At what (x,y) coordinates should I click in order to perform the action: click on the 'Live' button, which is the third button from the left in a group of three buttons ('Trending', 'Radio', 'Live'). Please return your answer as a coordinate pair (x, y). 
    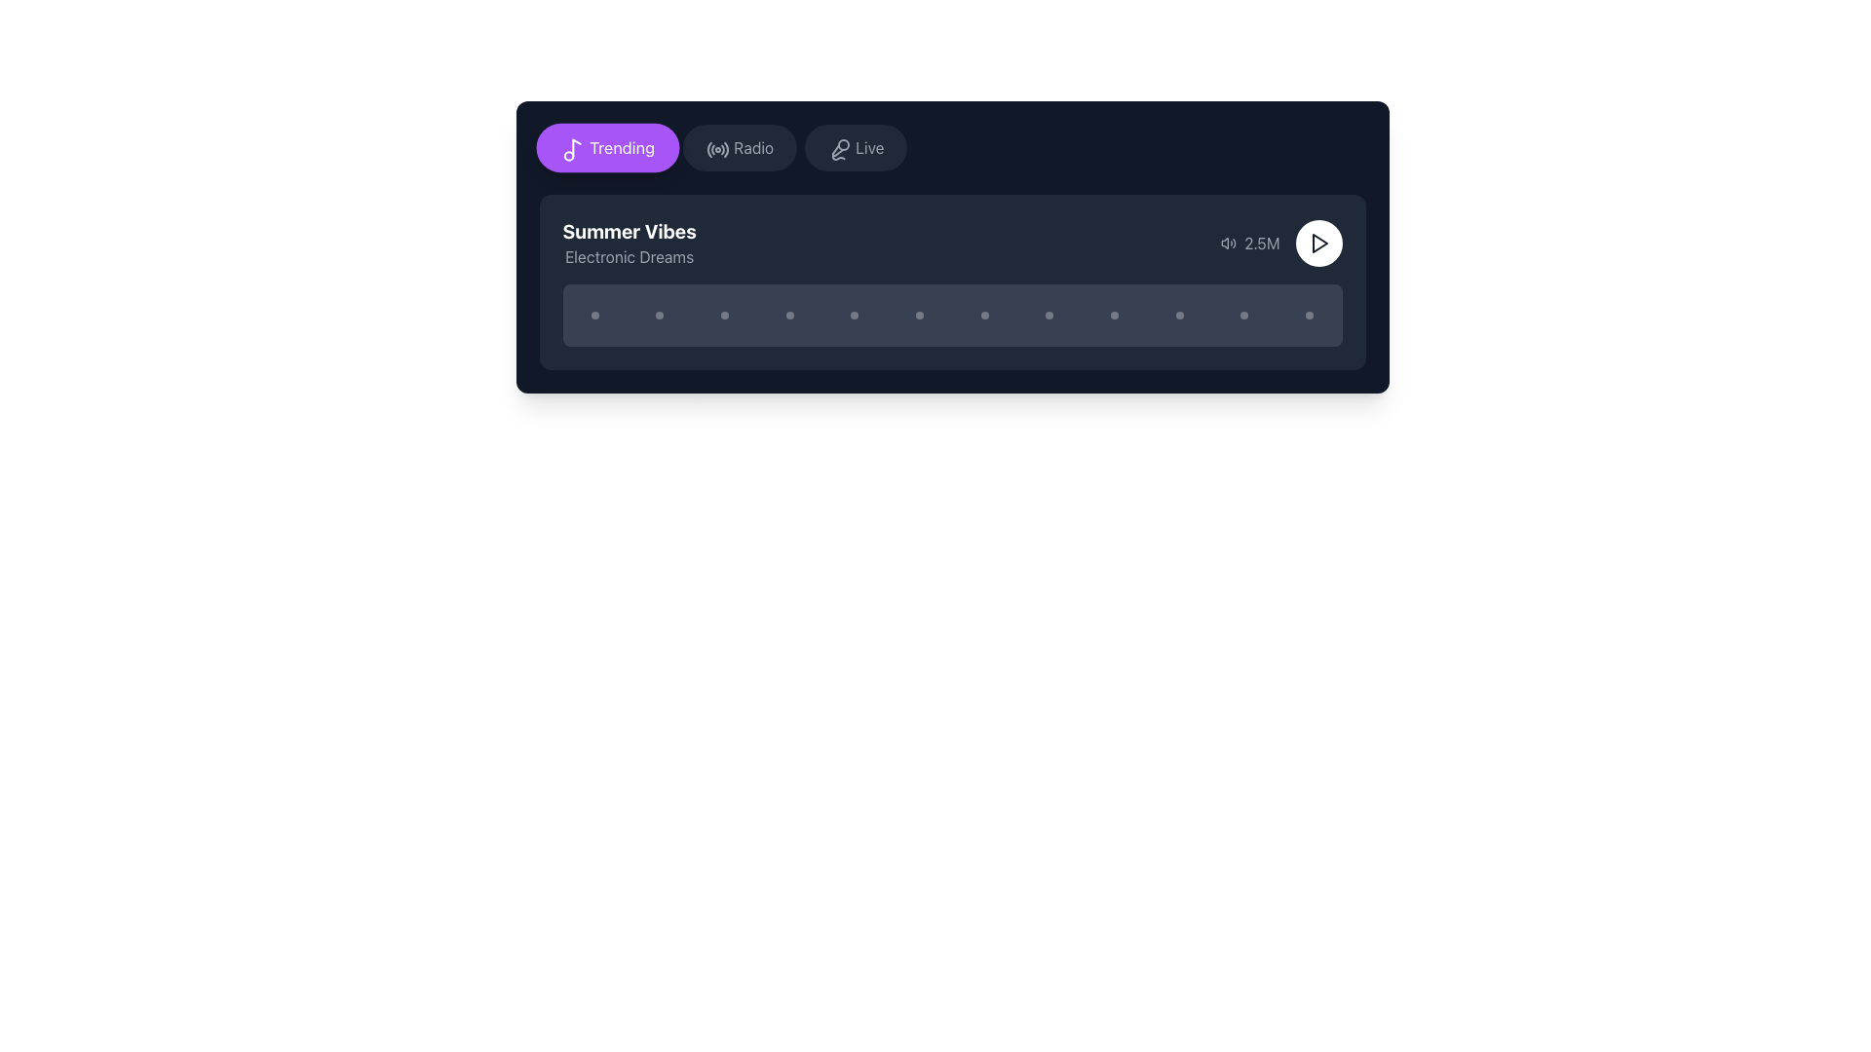
    Looking at the image, I should click on (856, 146).